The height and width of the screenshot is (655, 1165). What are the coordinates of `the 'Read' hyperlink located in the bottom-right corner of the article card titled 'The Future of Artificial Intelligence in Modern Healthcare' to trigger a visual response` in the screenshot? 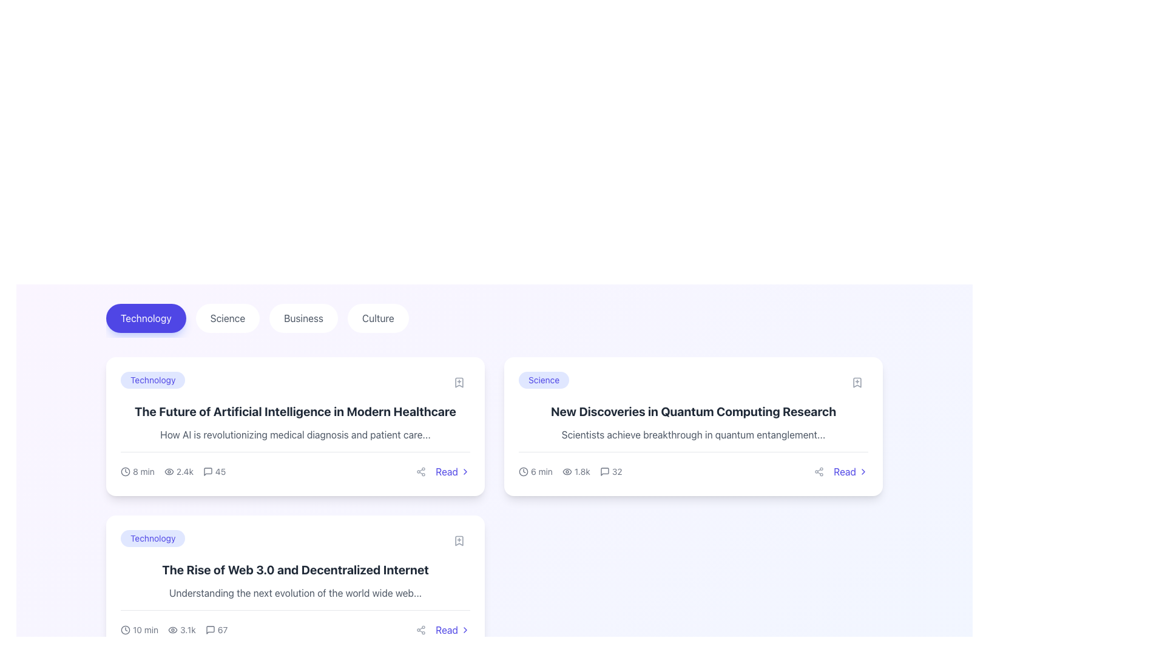 It's located at (452, 471).